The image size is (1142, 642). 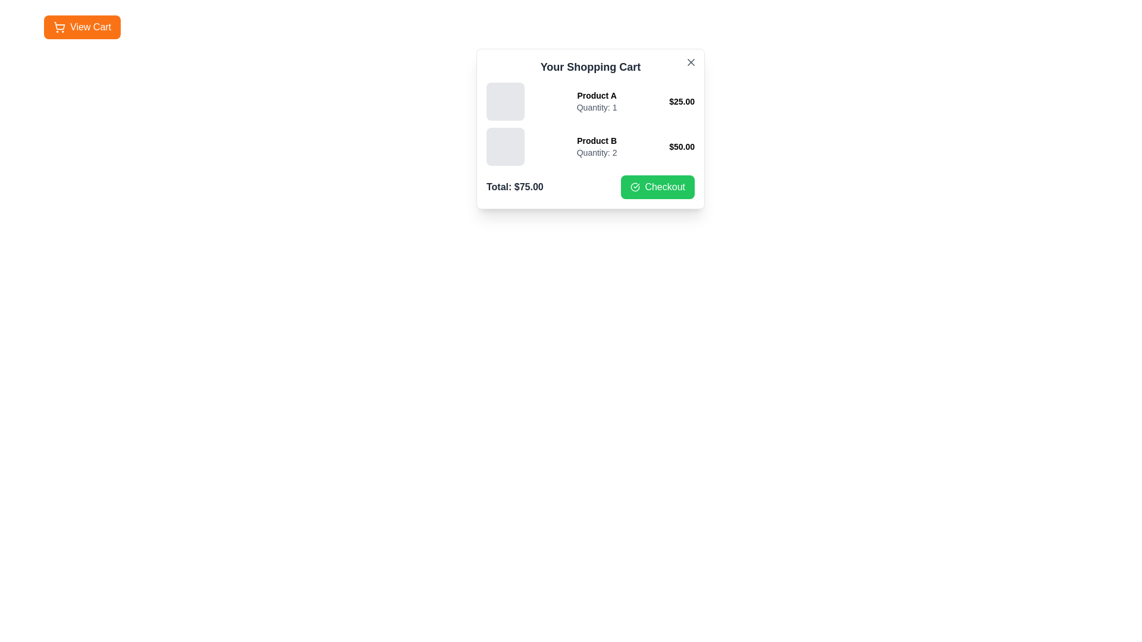 I want to click on the soft gray square decorative box located on the left side of the group in the shopping cart interface, so click(x=505, y=146).